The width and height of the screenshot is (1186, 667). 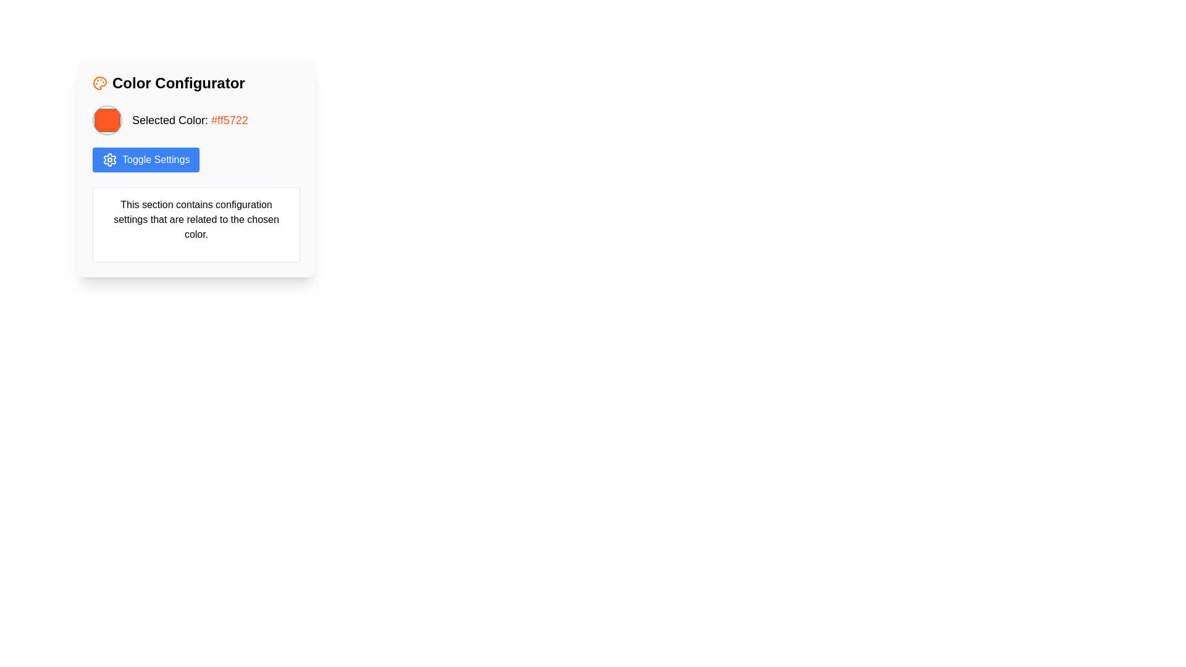 I want to click on the Text label displaying the selected color code, located to the right of the orange circular visual representation in the 'Color Configurator' section, so click(x=229, y=120).